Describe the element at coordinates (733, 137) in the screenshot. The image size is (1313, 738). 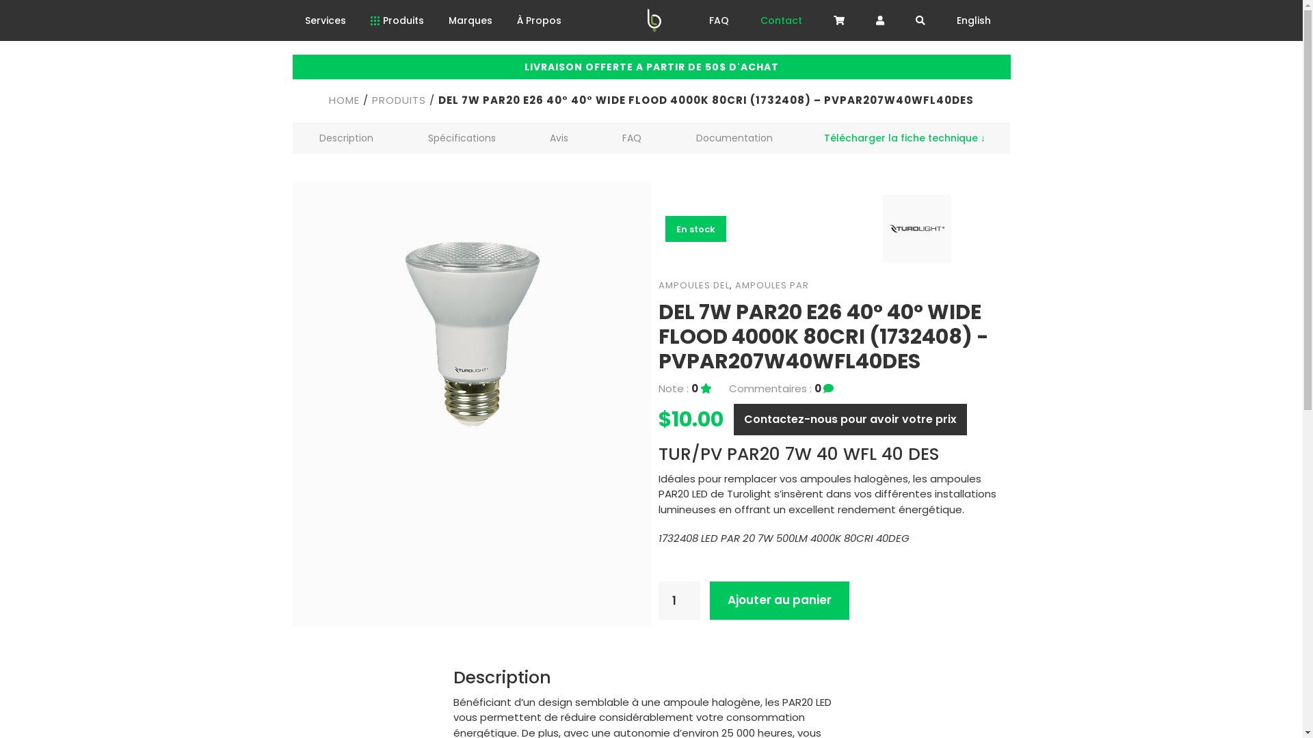
I see `'Documentation'` at that location.